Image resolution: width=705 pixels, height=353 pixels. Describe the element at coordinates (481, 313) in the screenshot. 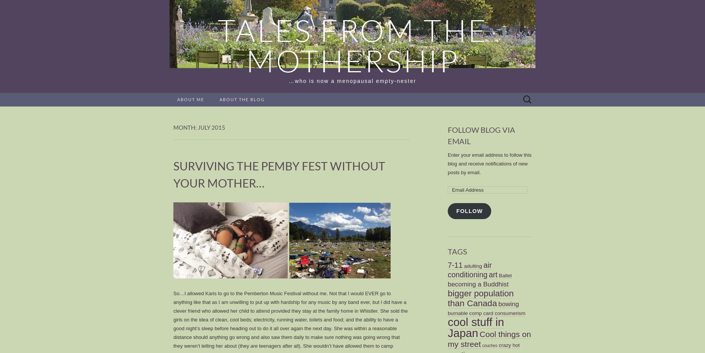

I see `'comp card'` at that location.